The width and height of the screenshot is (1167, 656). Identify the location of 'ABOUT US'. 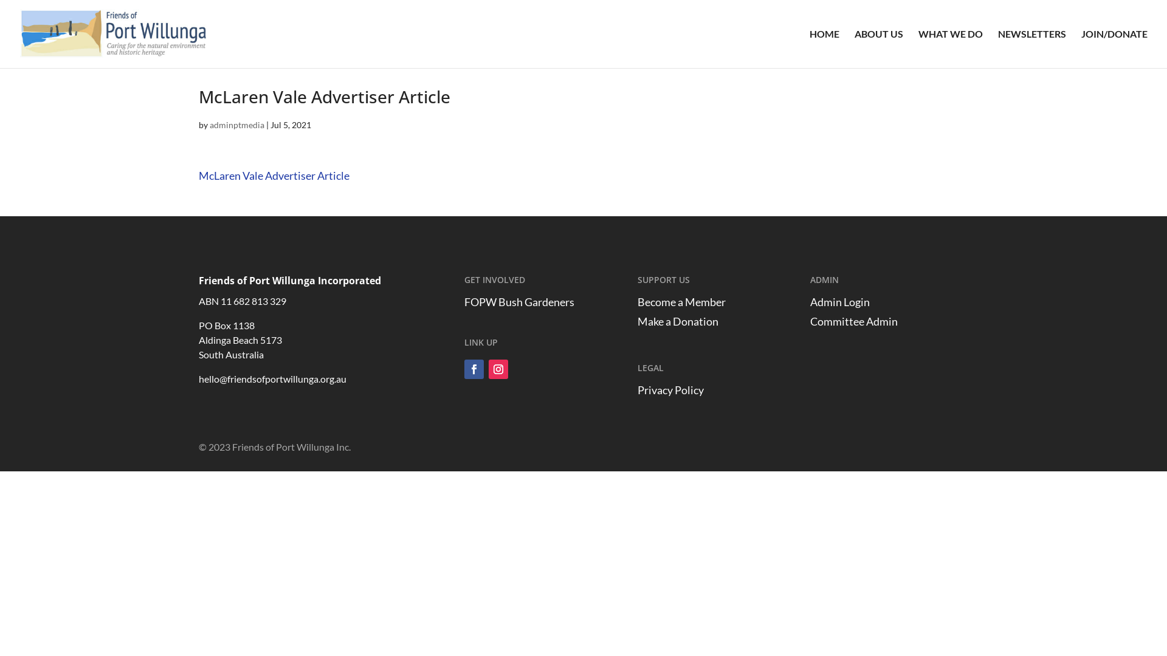
(878, 48).